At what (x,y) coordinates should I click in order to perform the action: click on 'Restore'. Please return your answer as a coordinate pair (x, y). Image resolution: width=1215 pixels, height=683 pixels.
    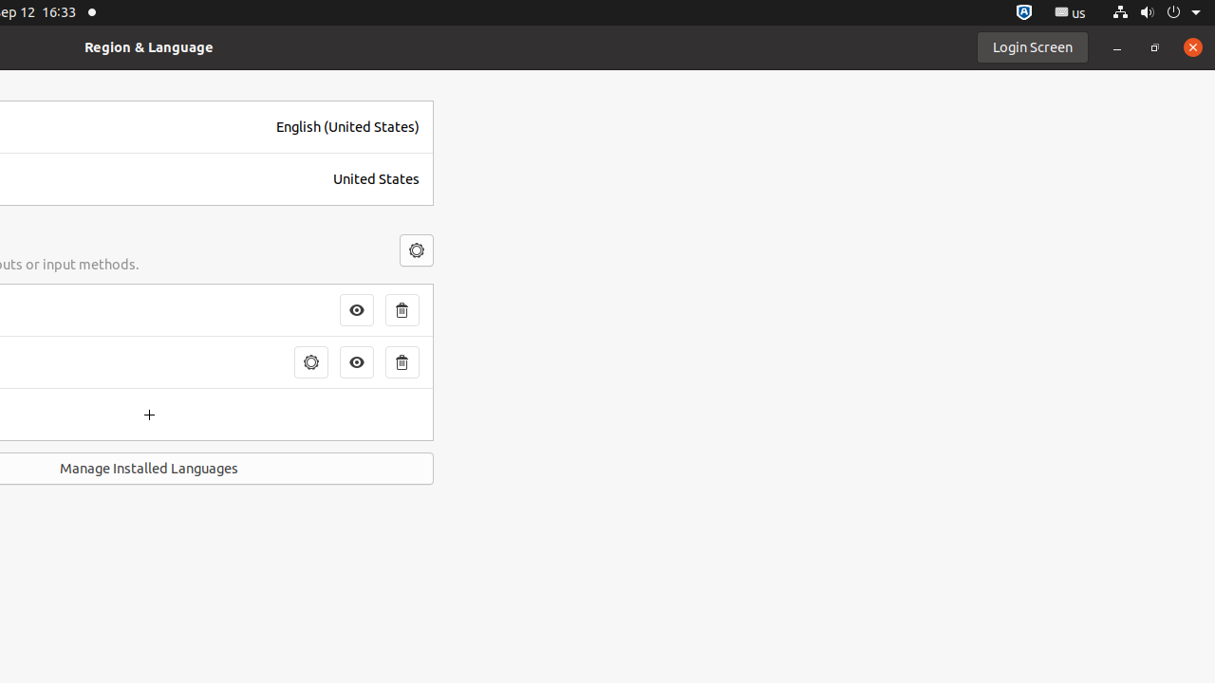
    Looking at the image, I should click on (1154, 46).